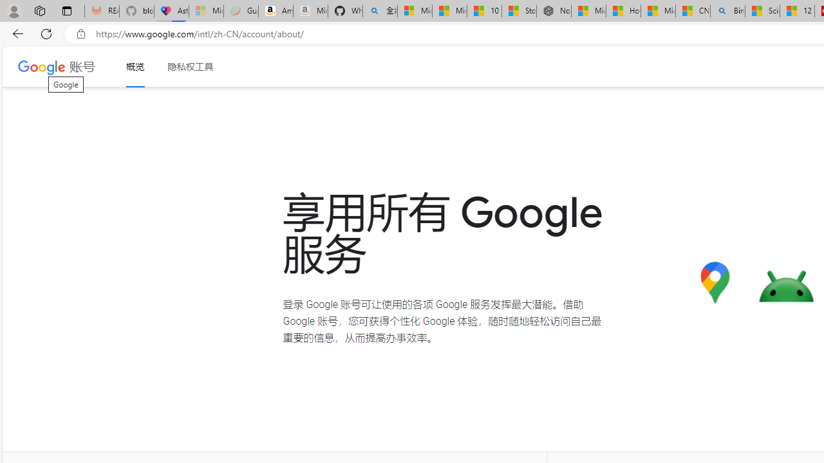 The height and width of the screenshot is (463, 824). I want to click on 'CNN - MSN', so click(692, 11).